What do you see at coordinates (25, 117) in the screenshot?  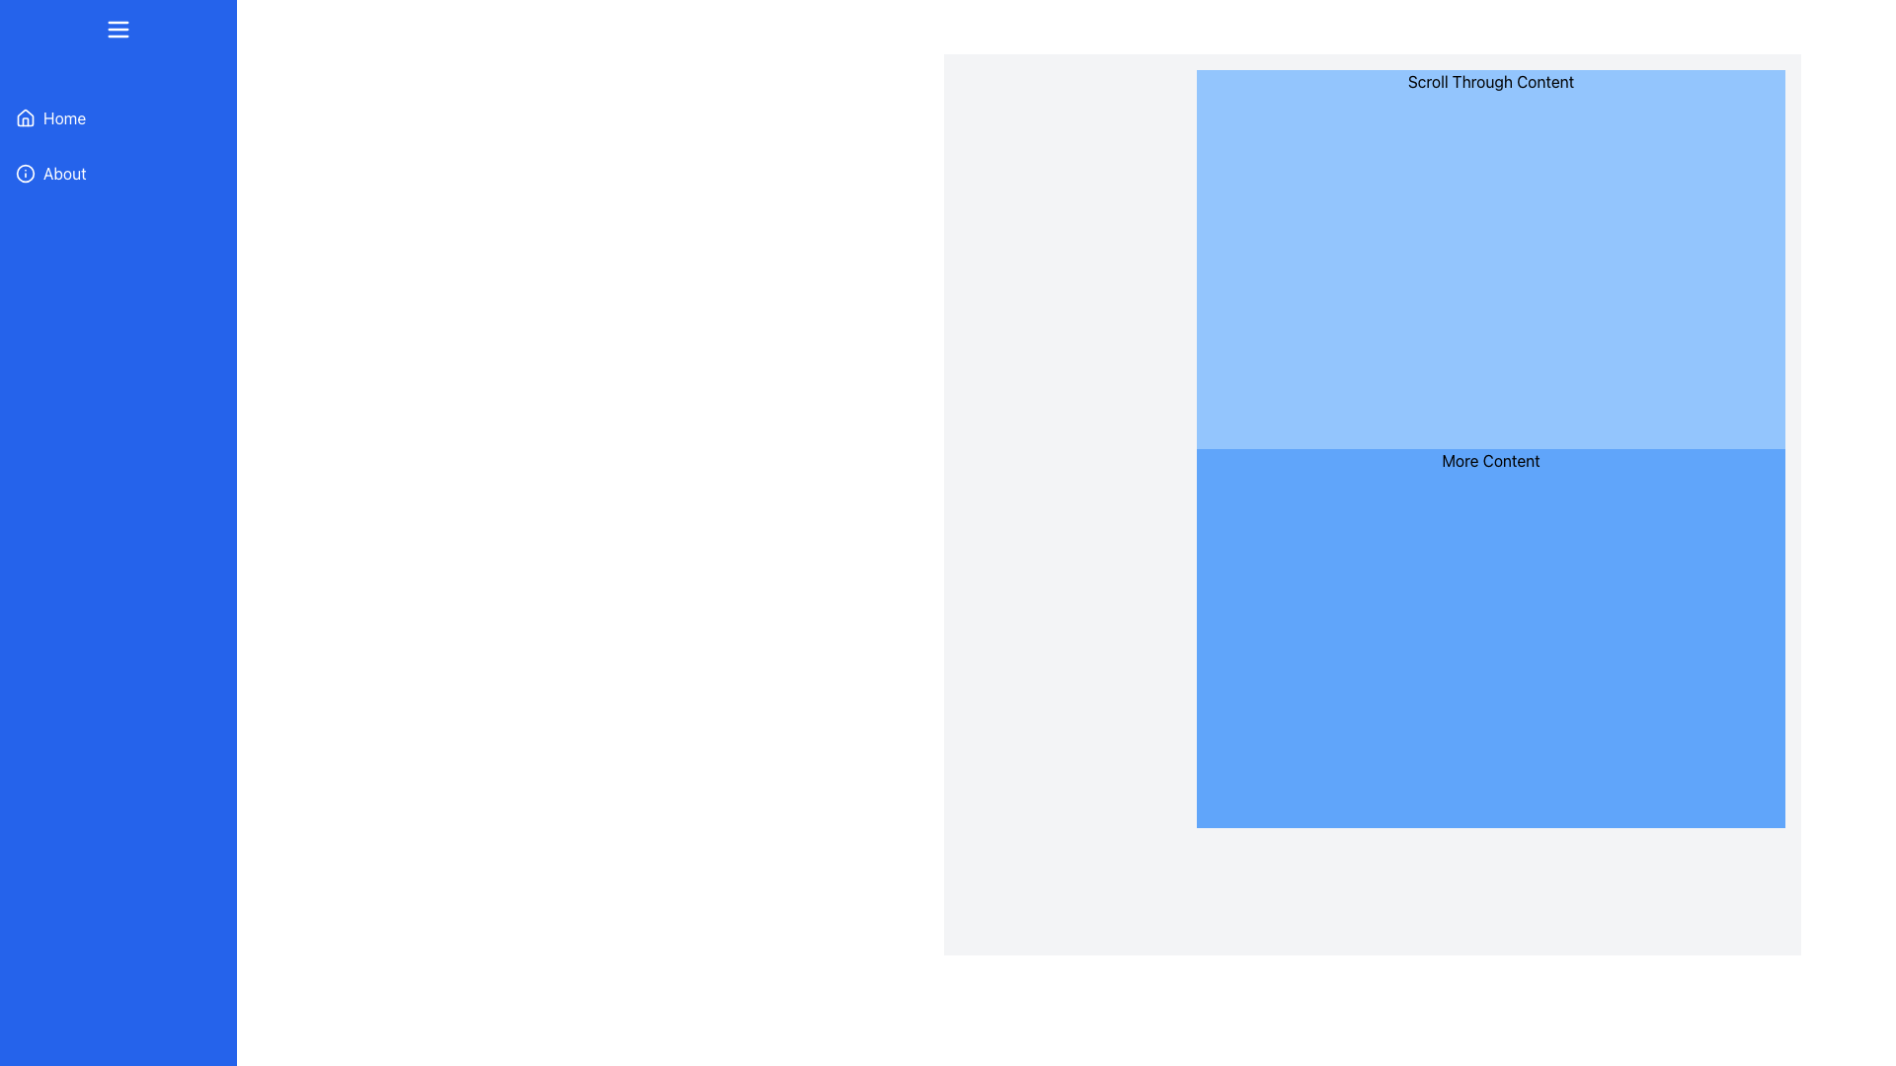 I see `the 'Home' icon located in the left sidebar, which serves as a graphical indicator for navigation to the 'Home' section` at bounding box center [25, 117].